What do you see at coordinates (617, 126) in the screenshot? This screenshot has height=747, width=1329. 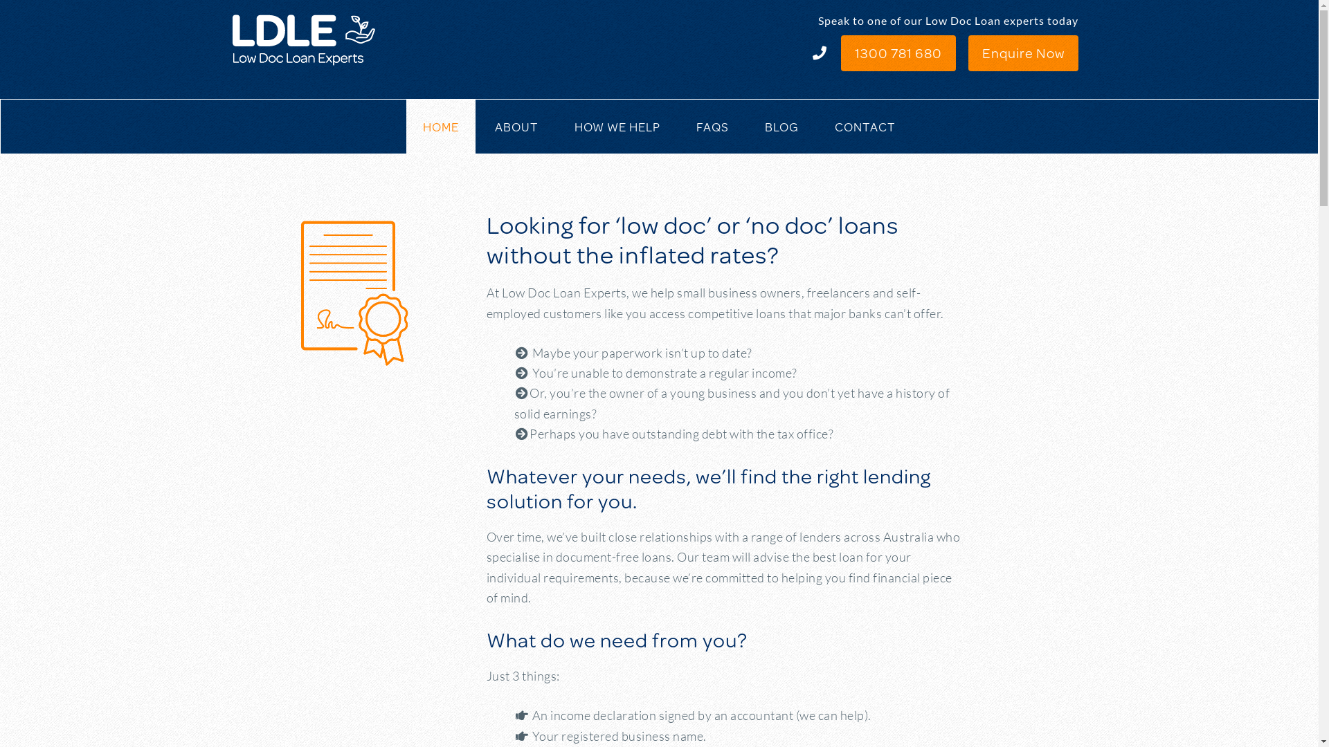 I see `'HOW WE HELP'` at bounding box center [617, 126].